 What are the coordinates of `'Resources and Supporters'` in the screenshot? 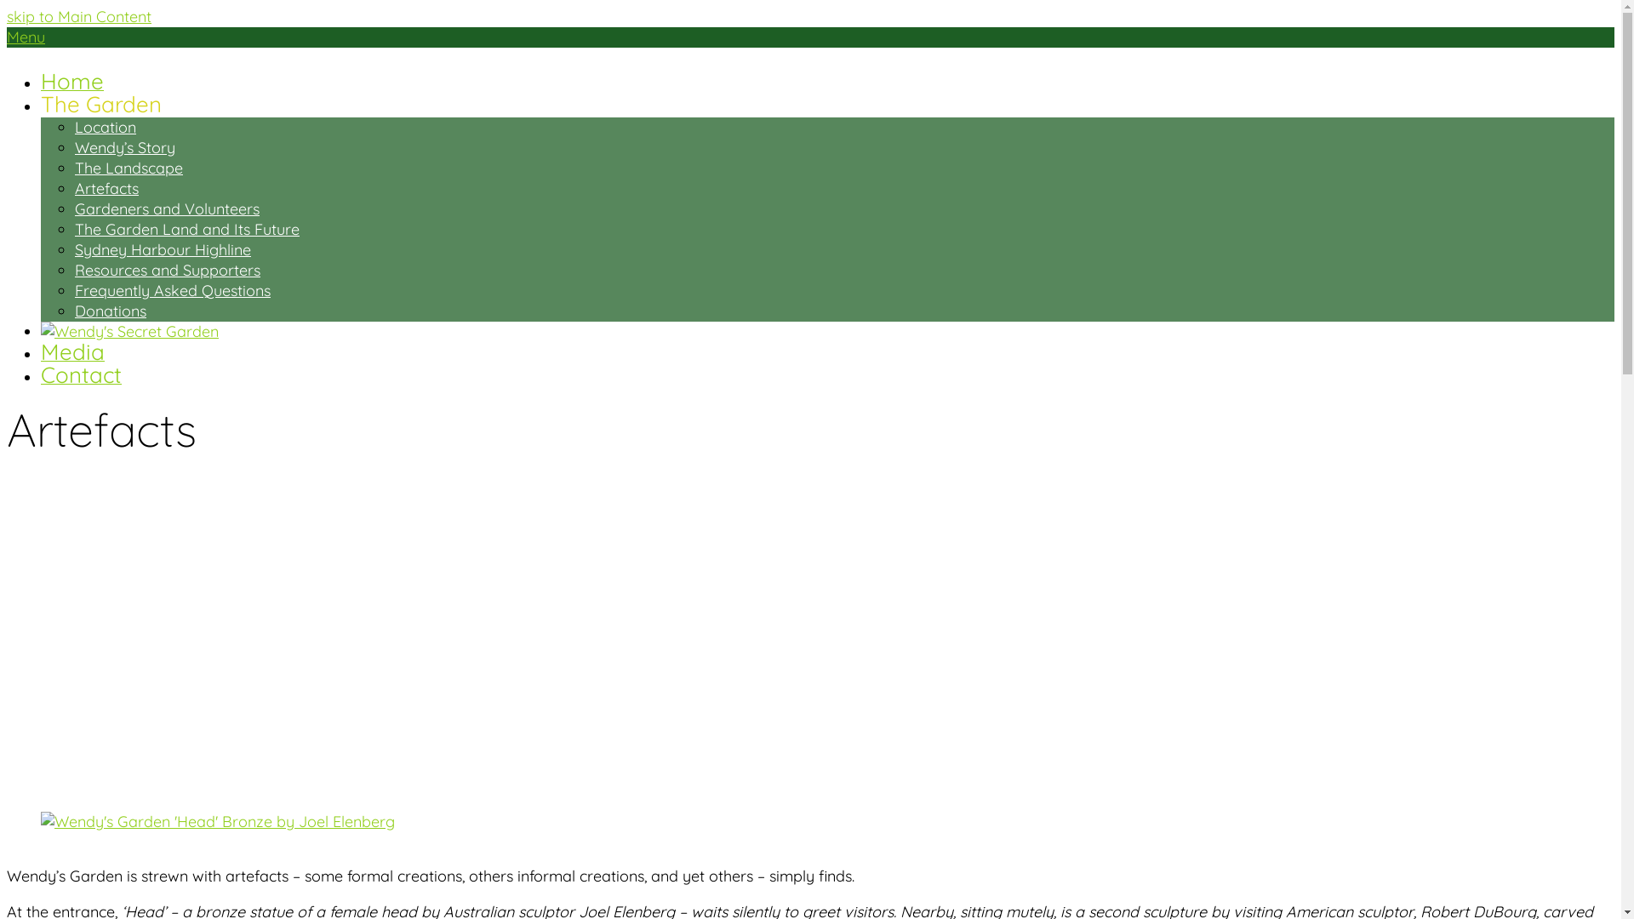 It's located at (167, 269).